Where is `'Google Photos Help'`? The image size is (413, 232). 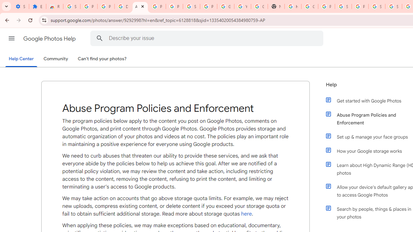
'Google Photos Help' is located at coordinates (50, 38).